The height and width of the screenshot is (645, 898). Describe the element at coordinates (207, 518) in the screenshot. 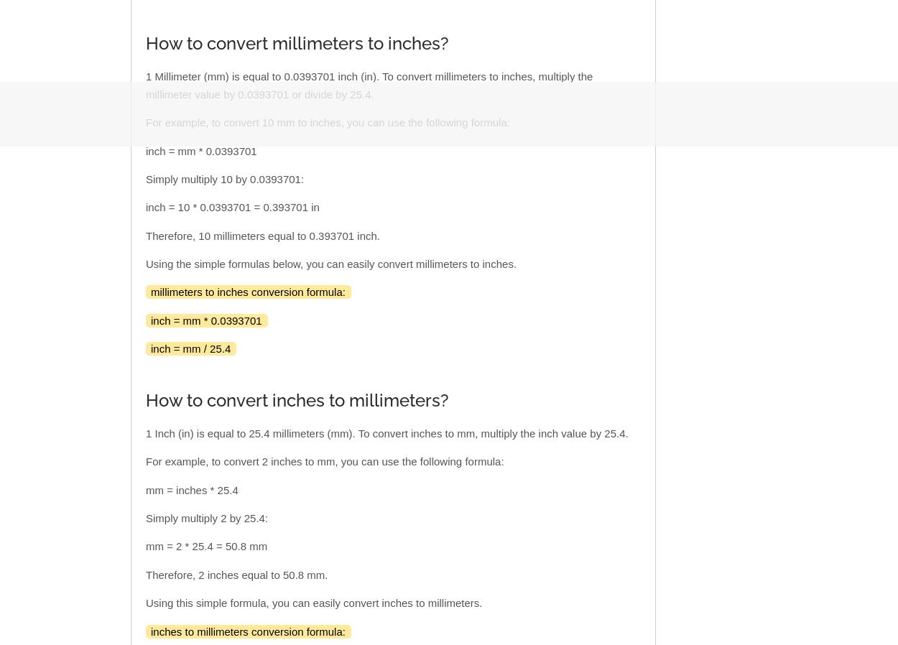

I see `'Simply multiply 2 by 25.4:'` at that location.